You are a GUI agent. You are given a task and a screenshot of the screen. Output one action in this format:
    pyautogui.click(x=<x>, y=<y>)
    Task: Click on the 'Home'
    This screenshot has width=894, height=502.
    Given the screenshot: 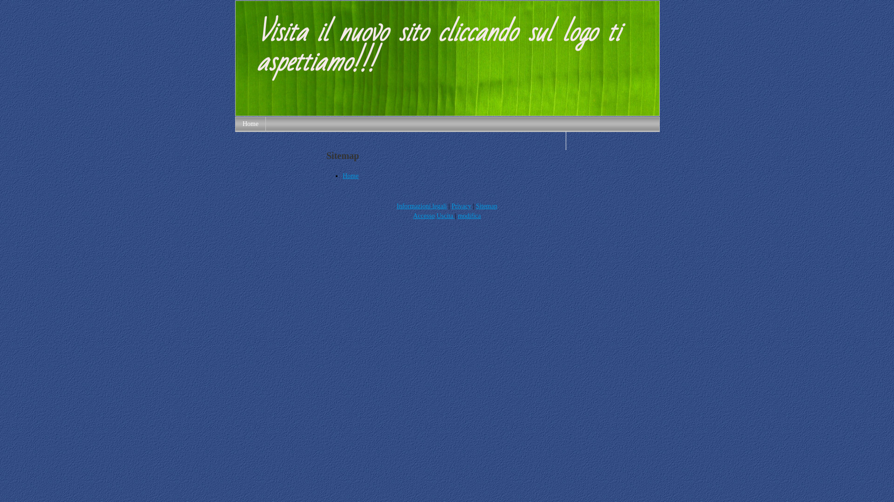 What is the action you would take?
    pyautogui.click(x=251, y=123)
    